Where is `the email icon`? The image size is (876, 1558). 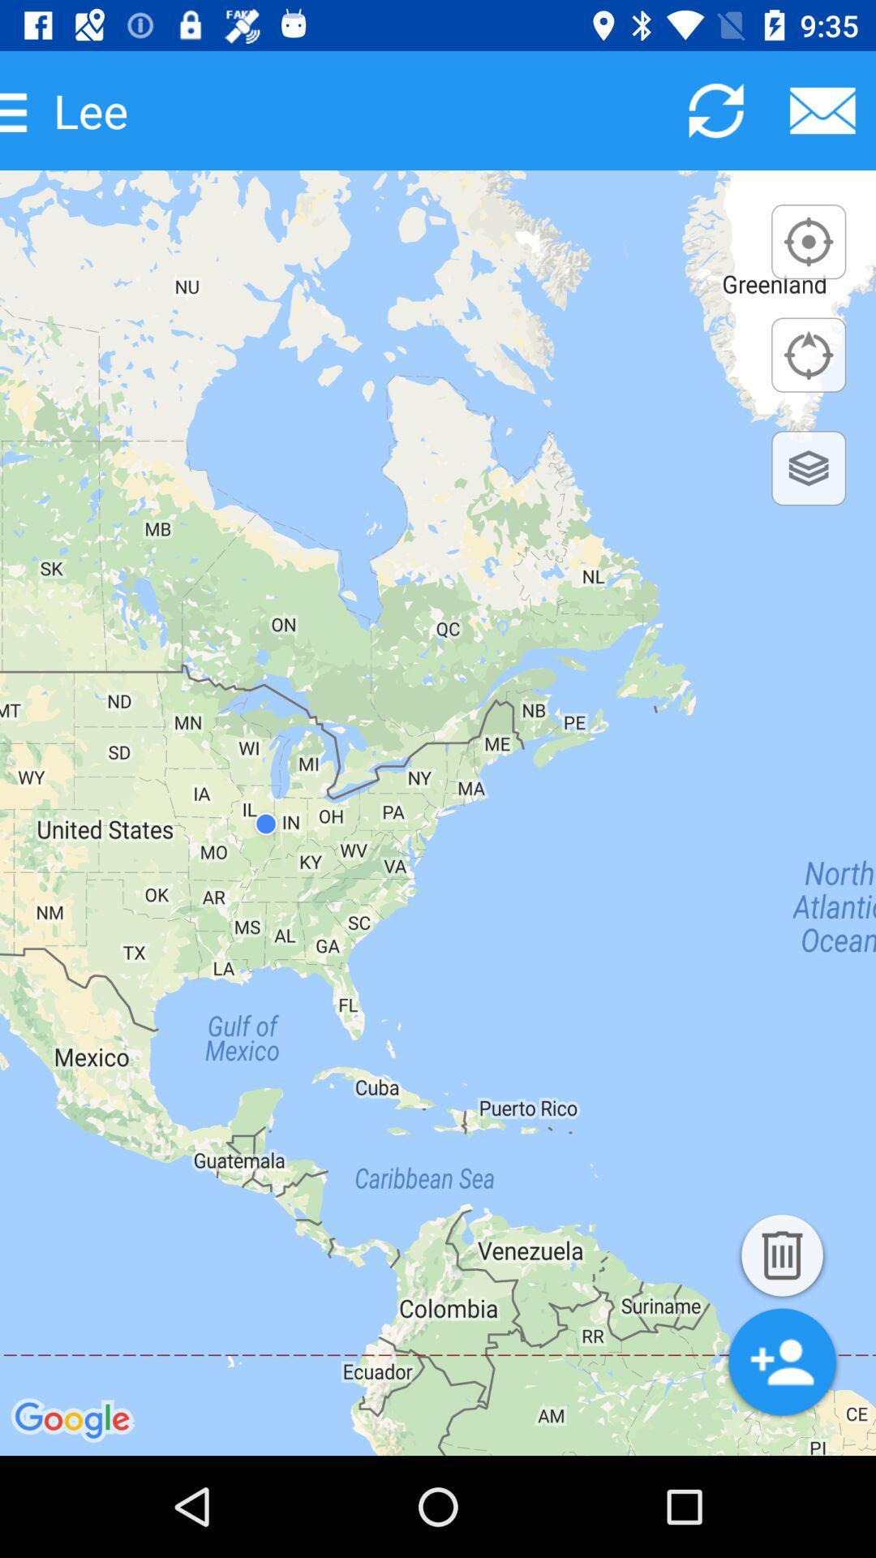
the email icon is located at coordinates (822, 110).